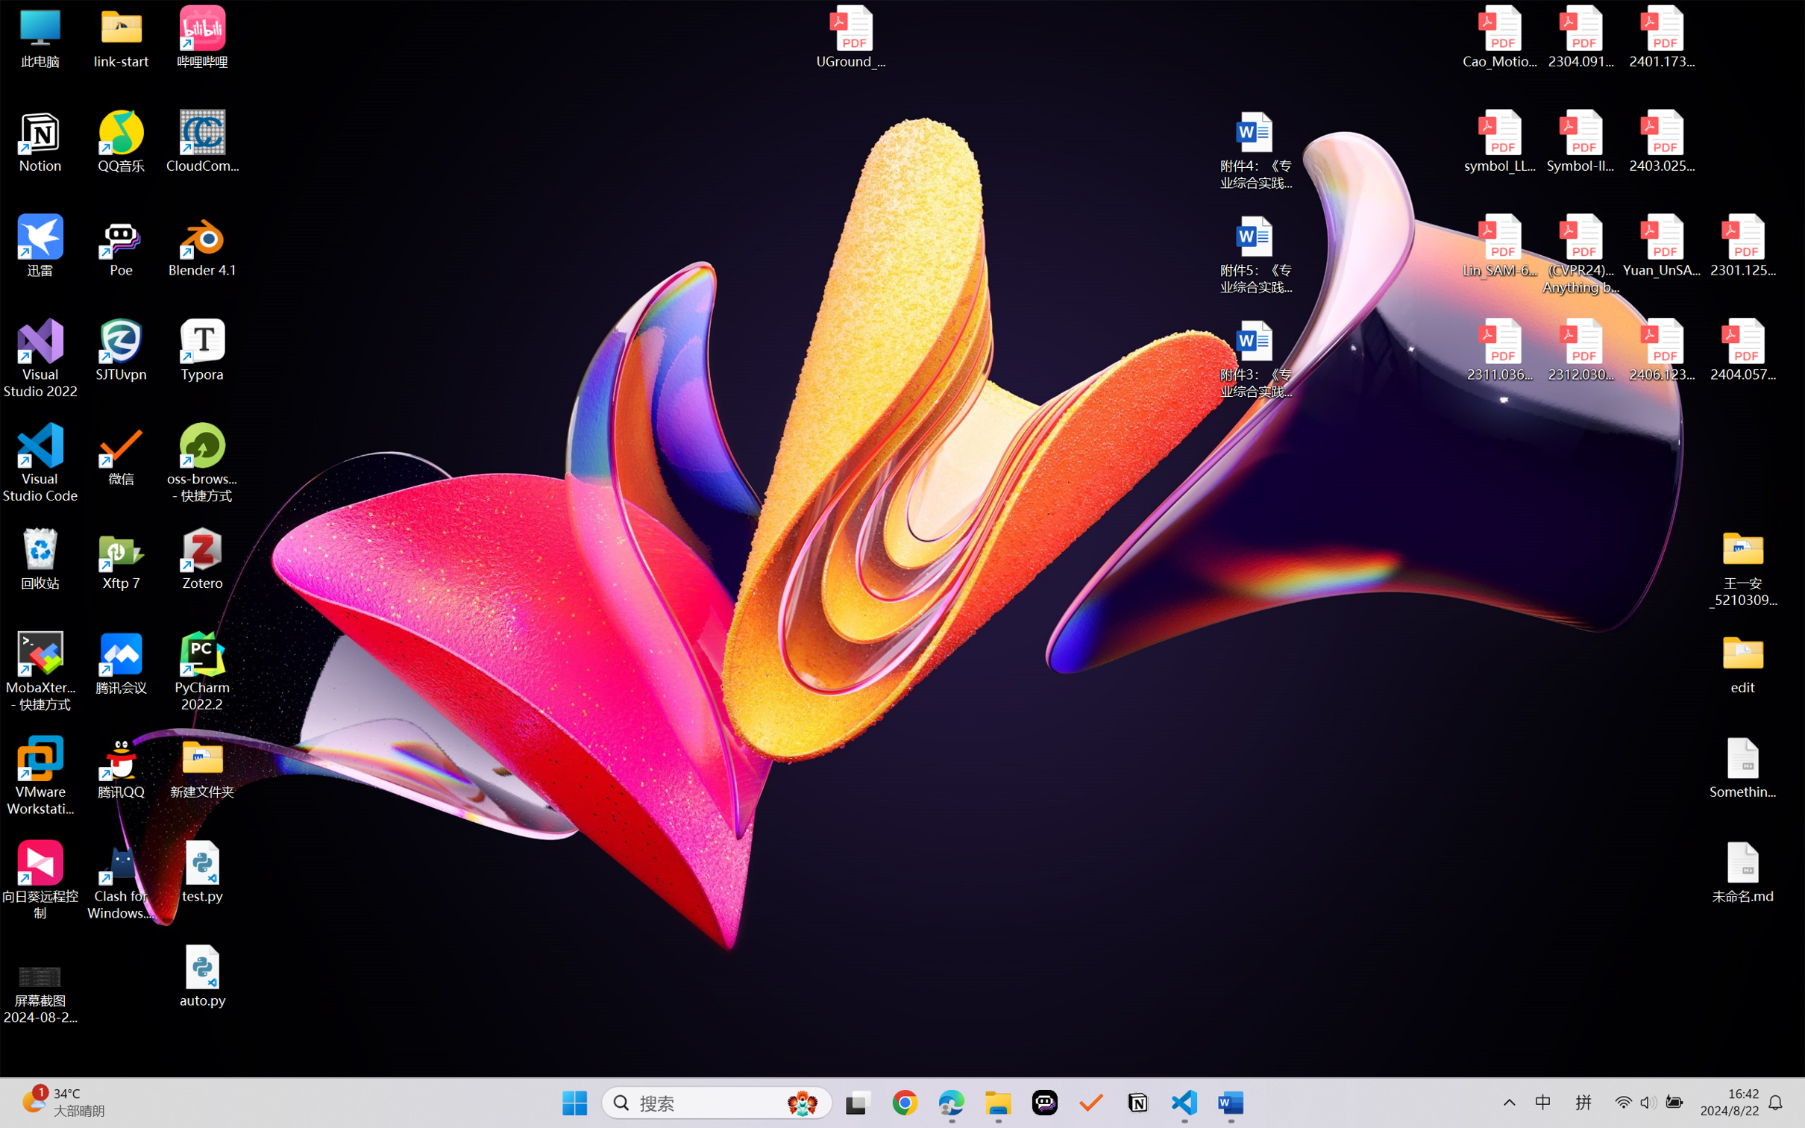 The height and width of the screenshot is (1128, 1805). I want to click on '2312.03032v2.pdf', so click(1580, 350).